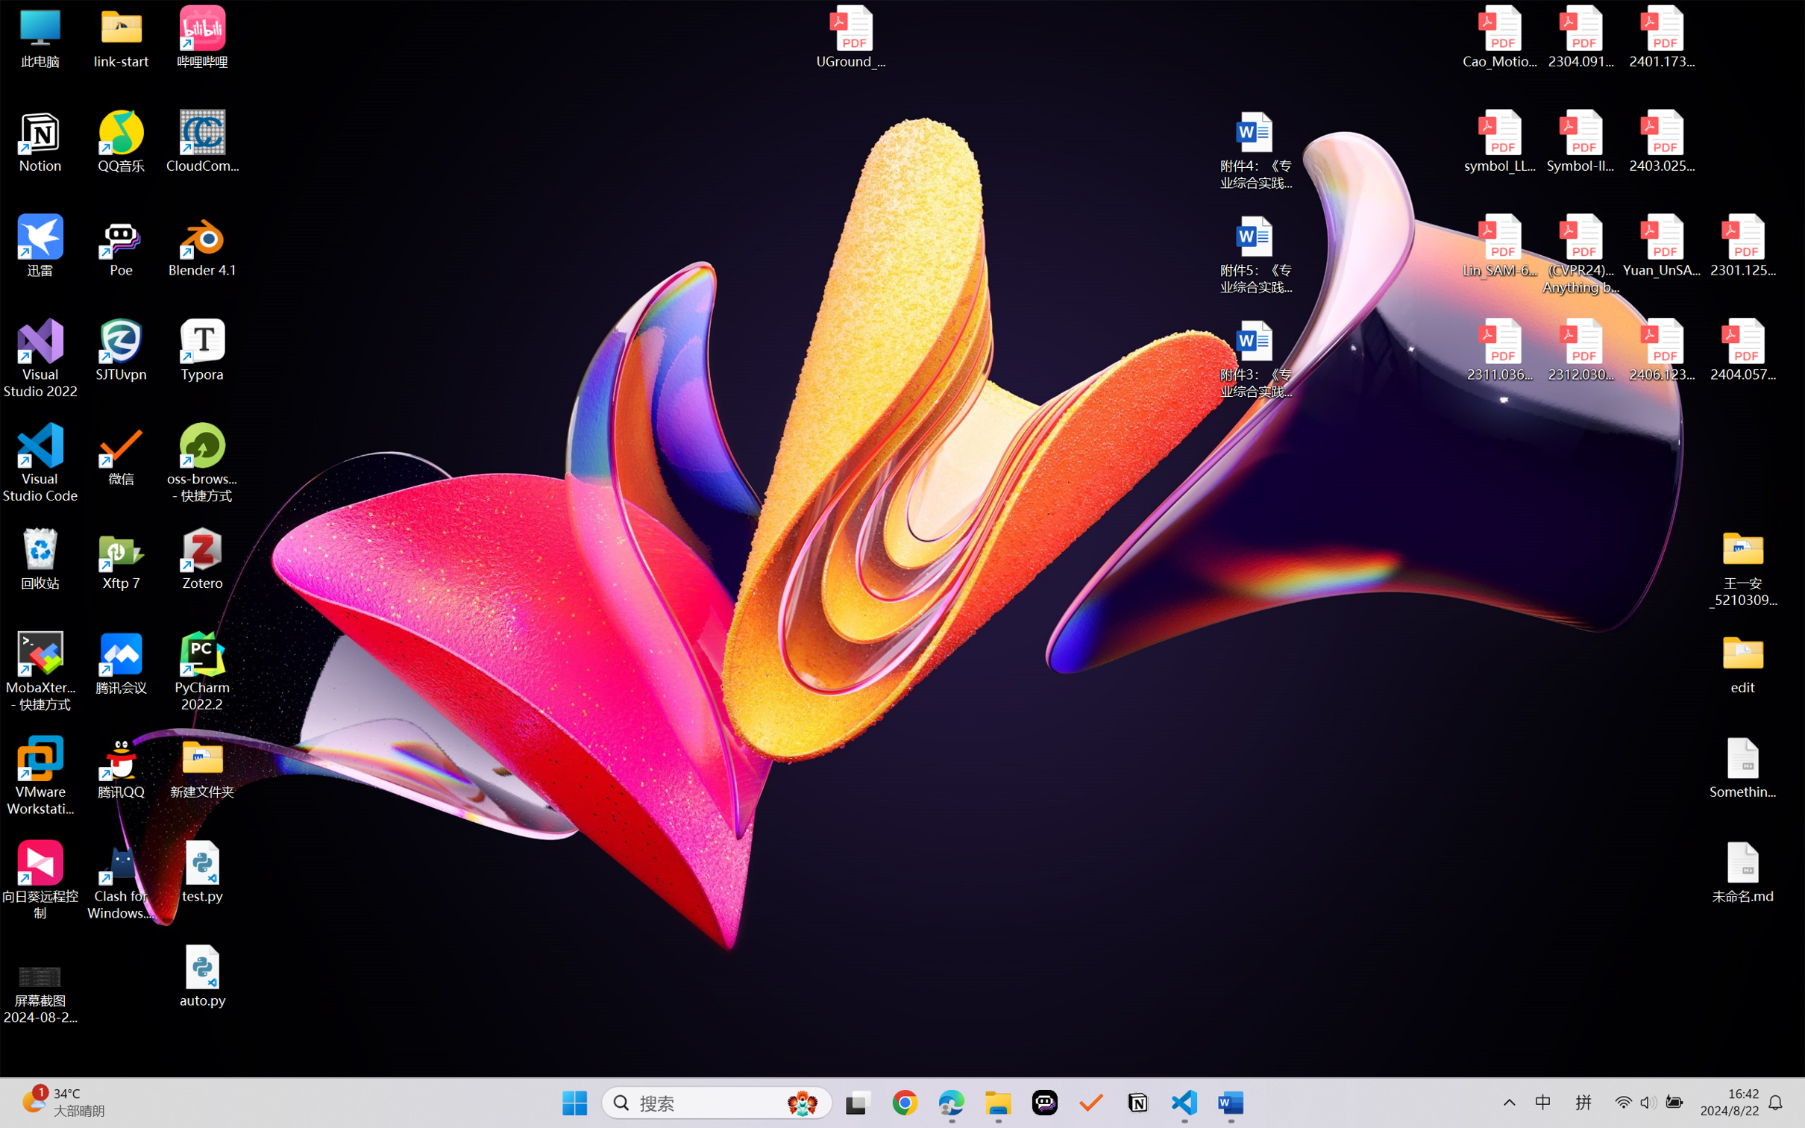 The height and width of the screenshot is (1128, 1805). I want to click on '2312.03032v2.pdf', so click(1580, 350).